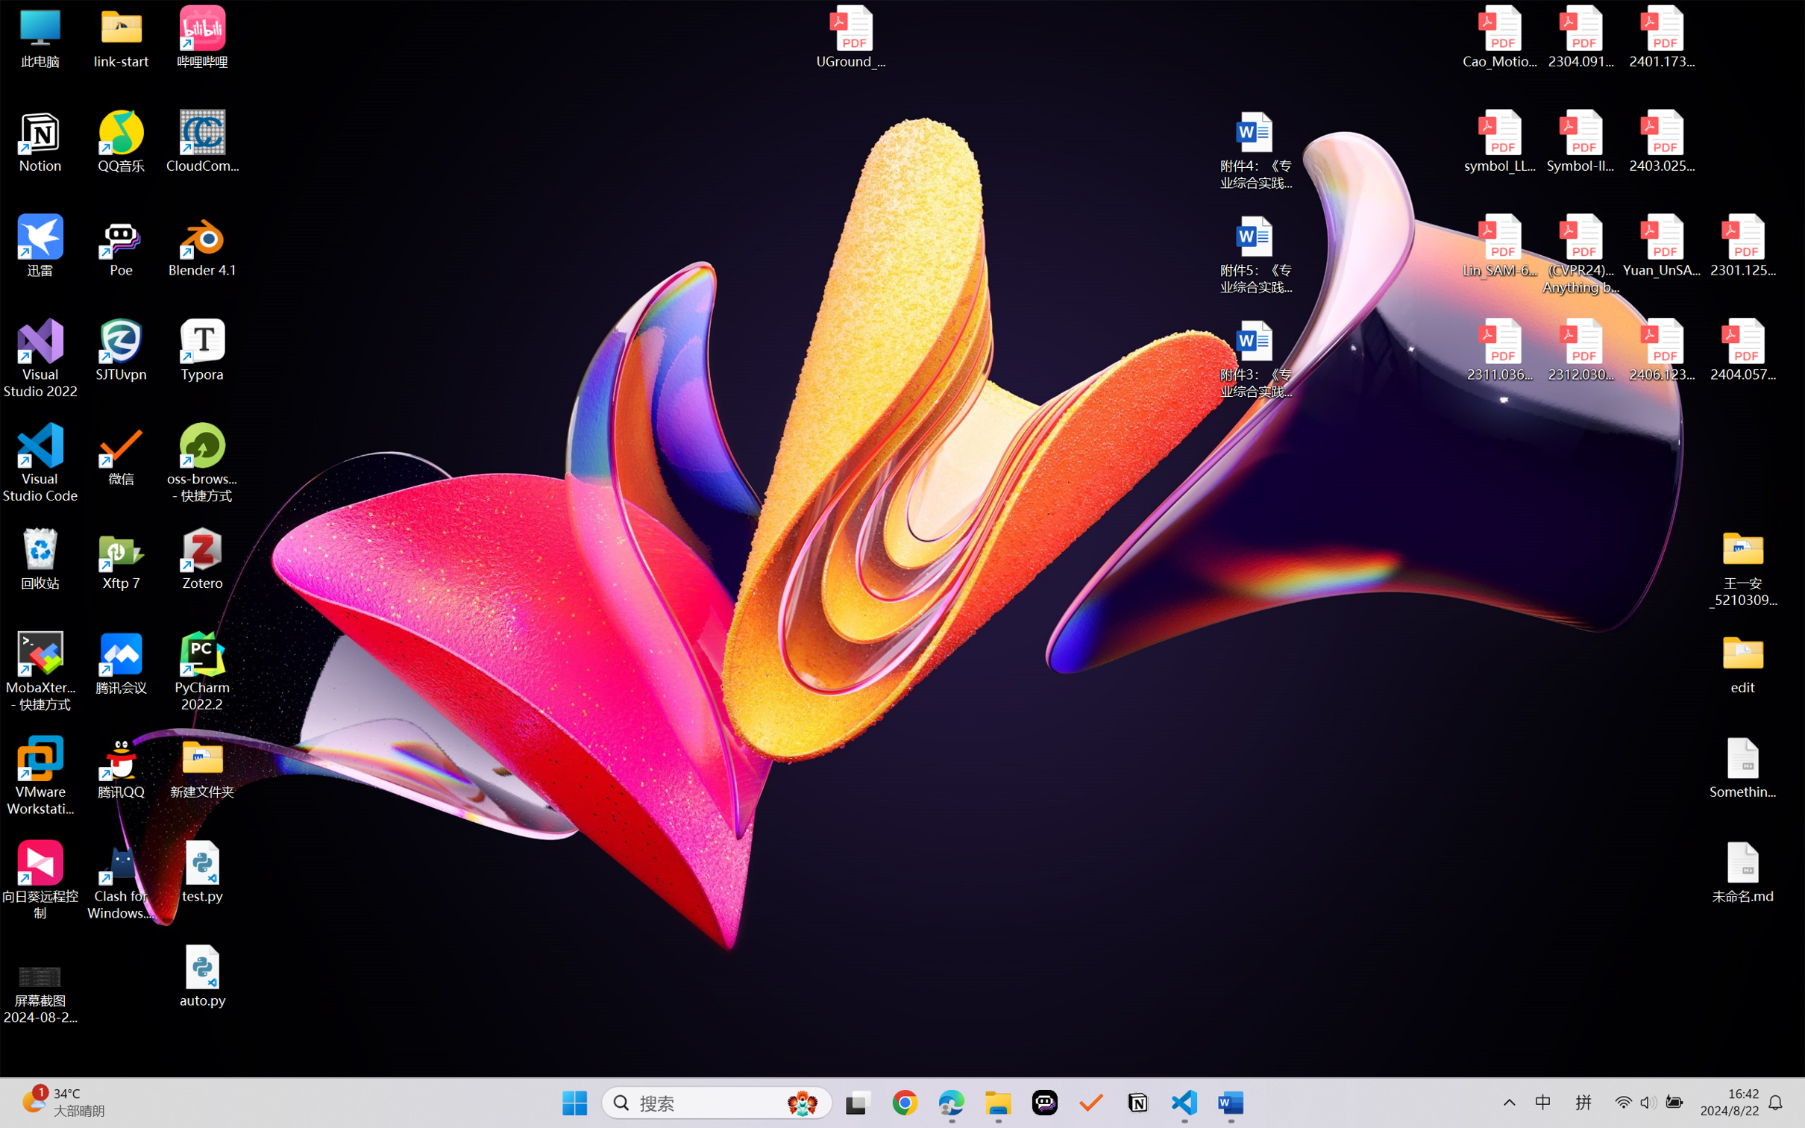 The height and width of the screenshot is (1128, 1805). I want to click on '2312.03032v2.pdf', so click(1580, 350).